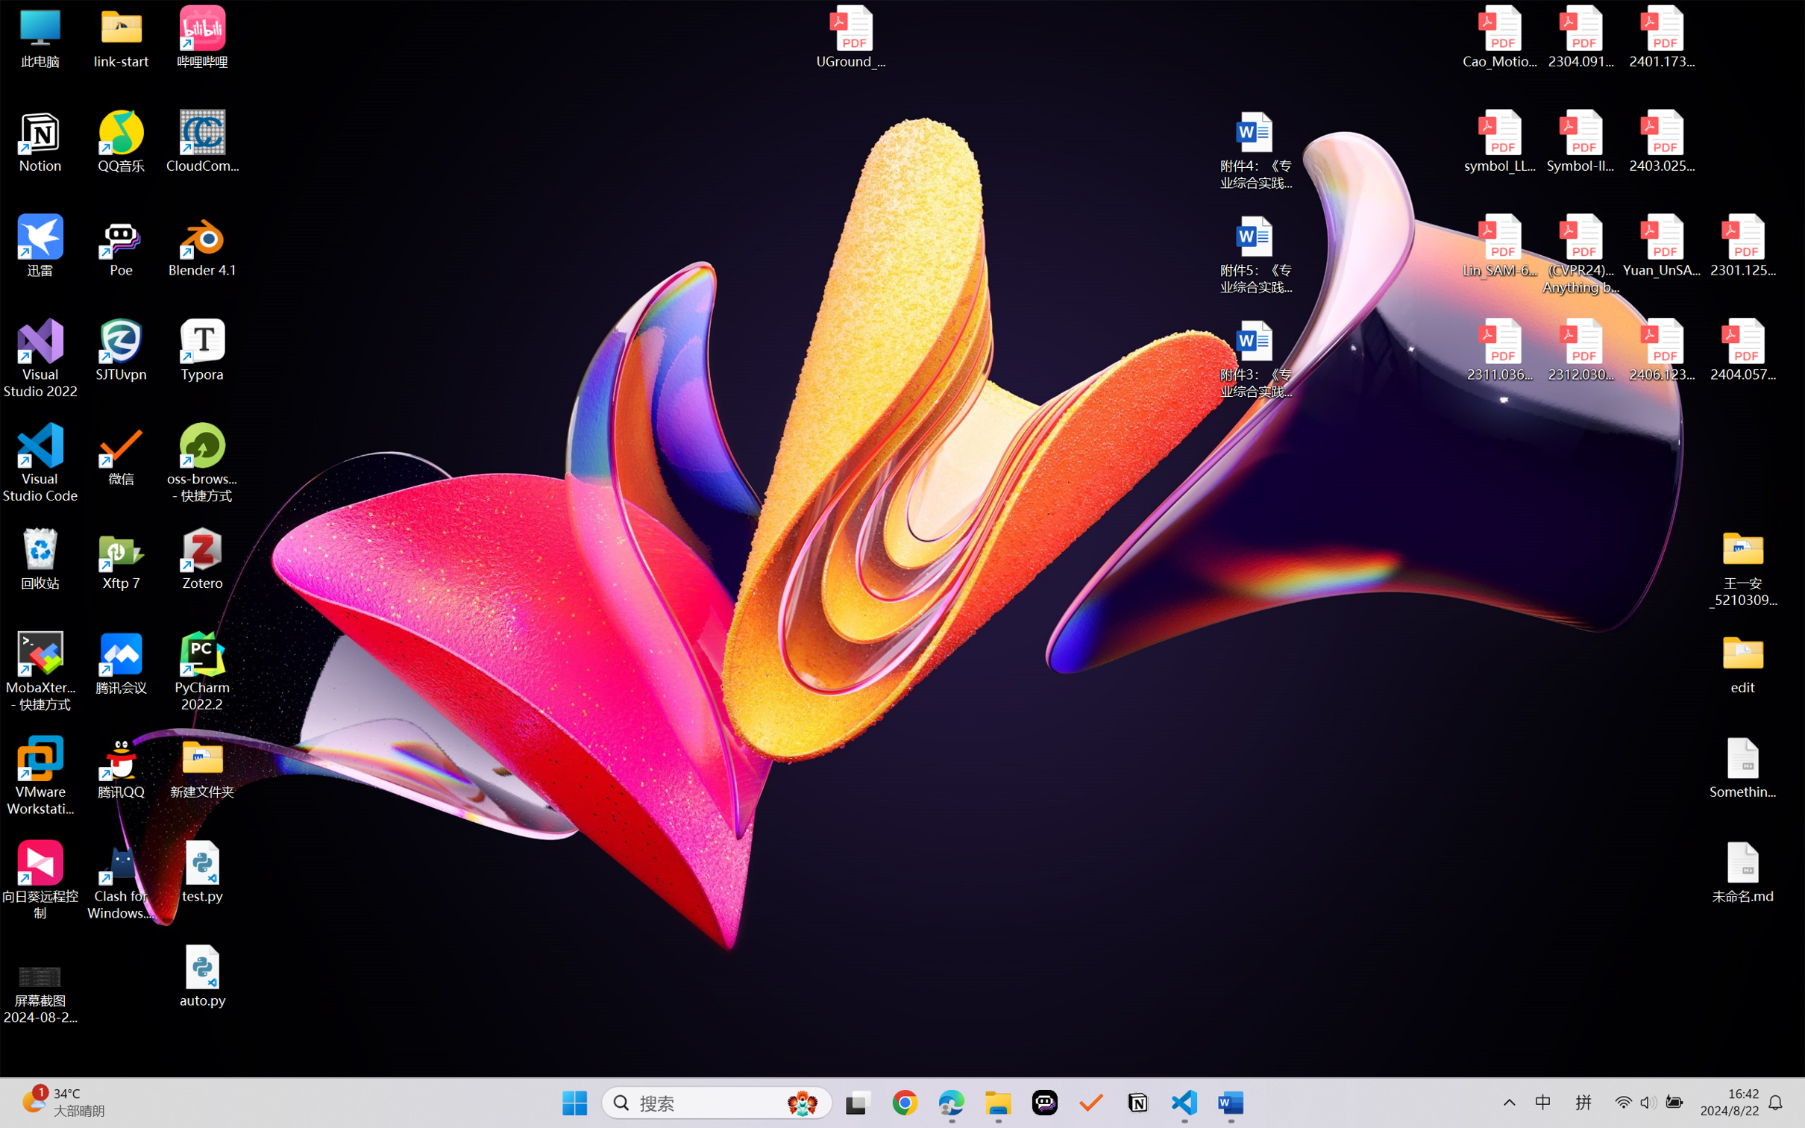 The height and width of the screenshot is (1128, 1805). I want to click on '2312.03032v2.pdf', so click(1580, 350).